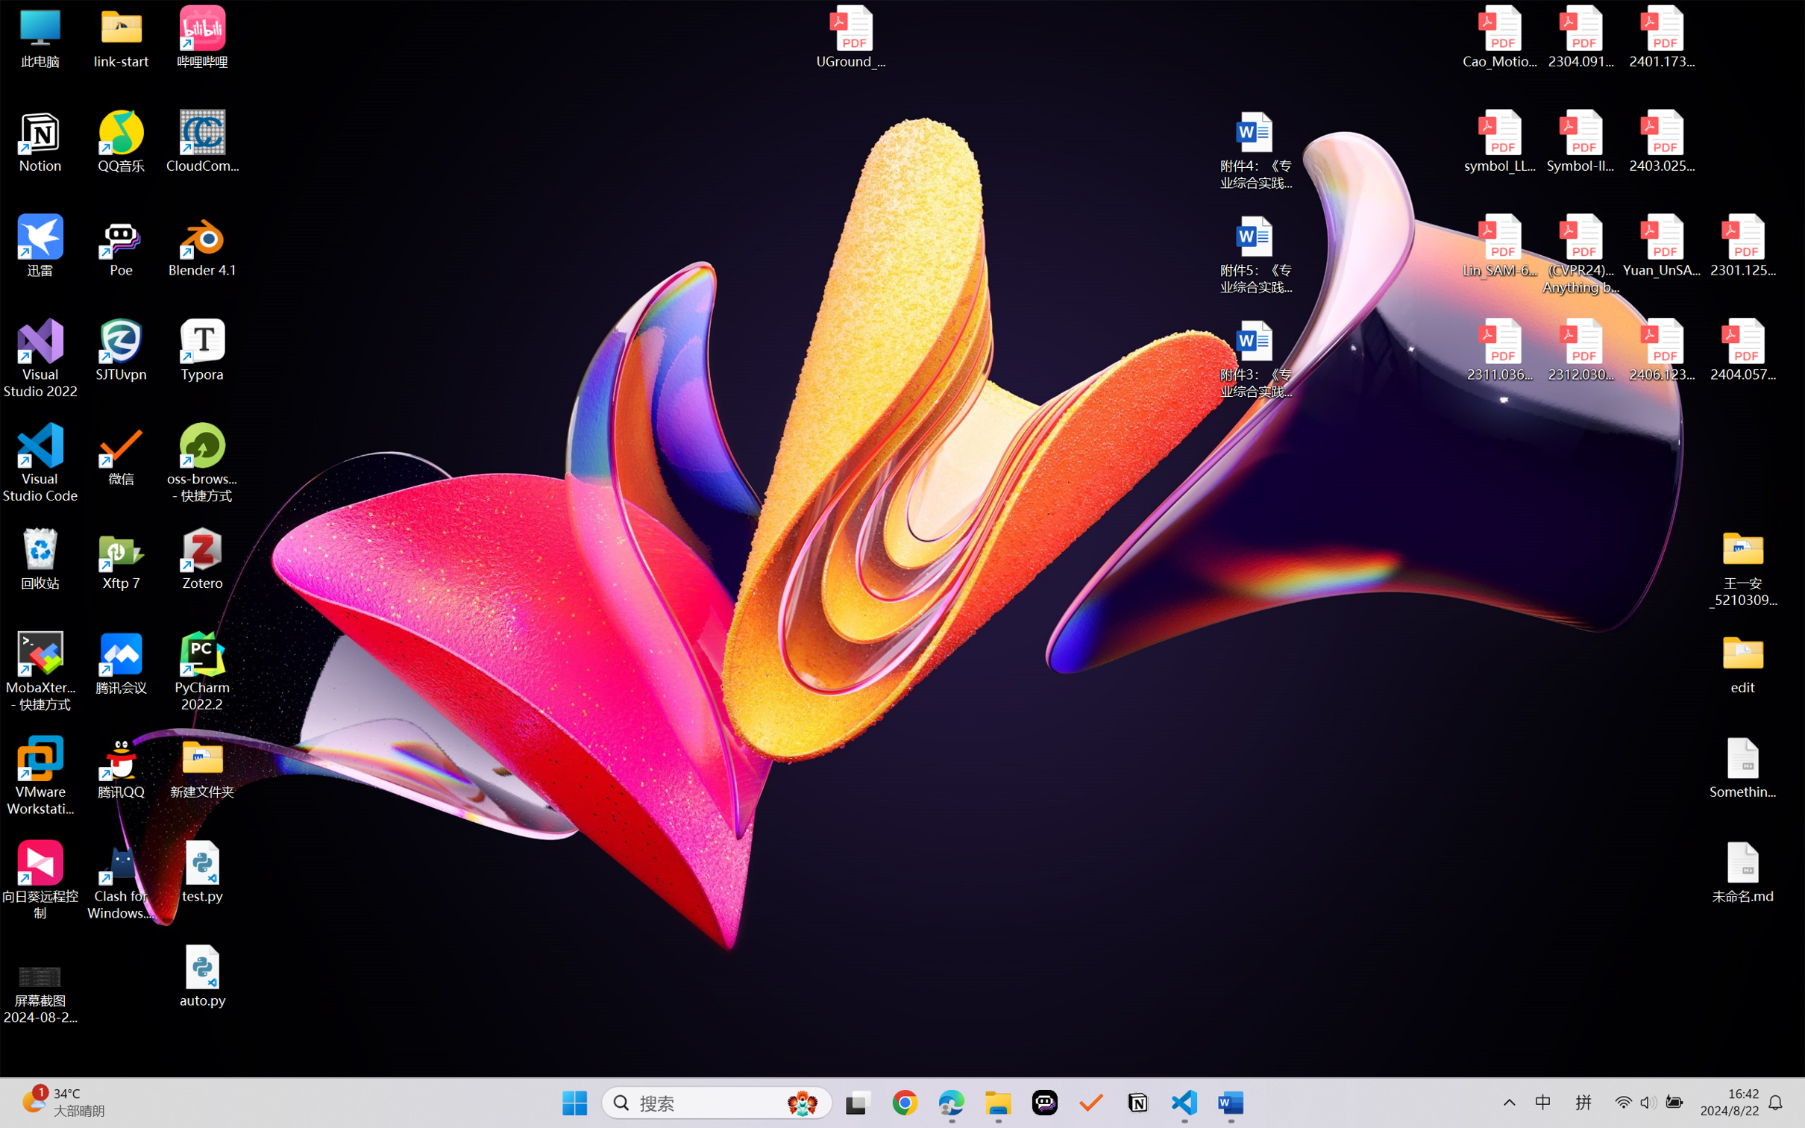 The height and width of the screenshot is (1128, 1805). I want to click on '2312.03032v2.pdf', so click(1580, 350).